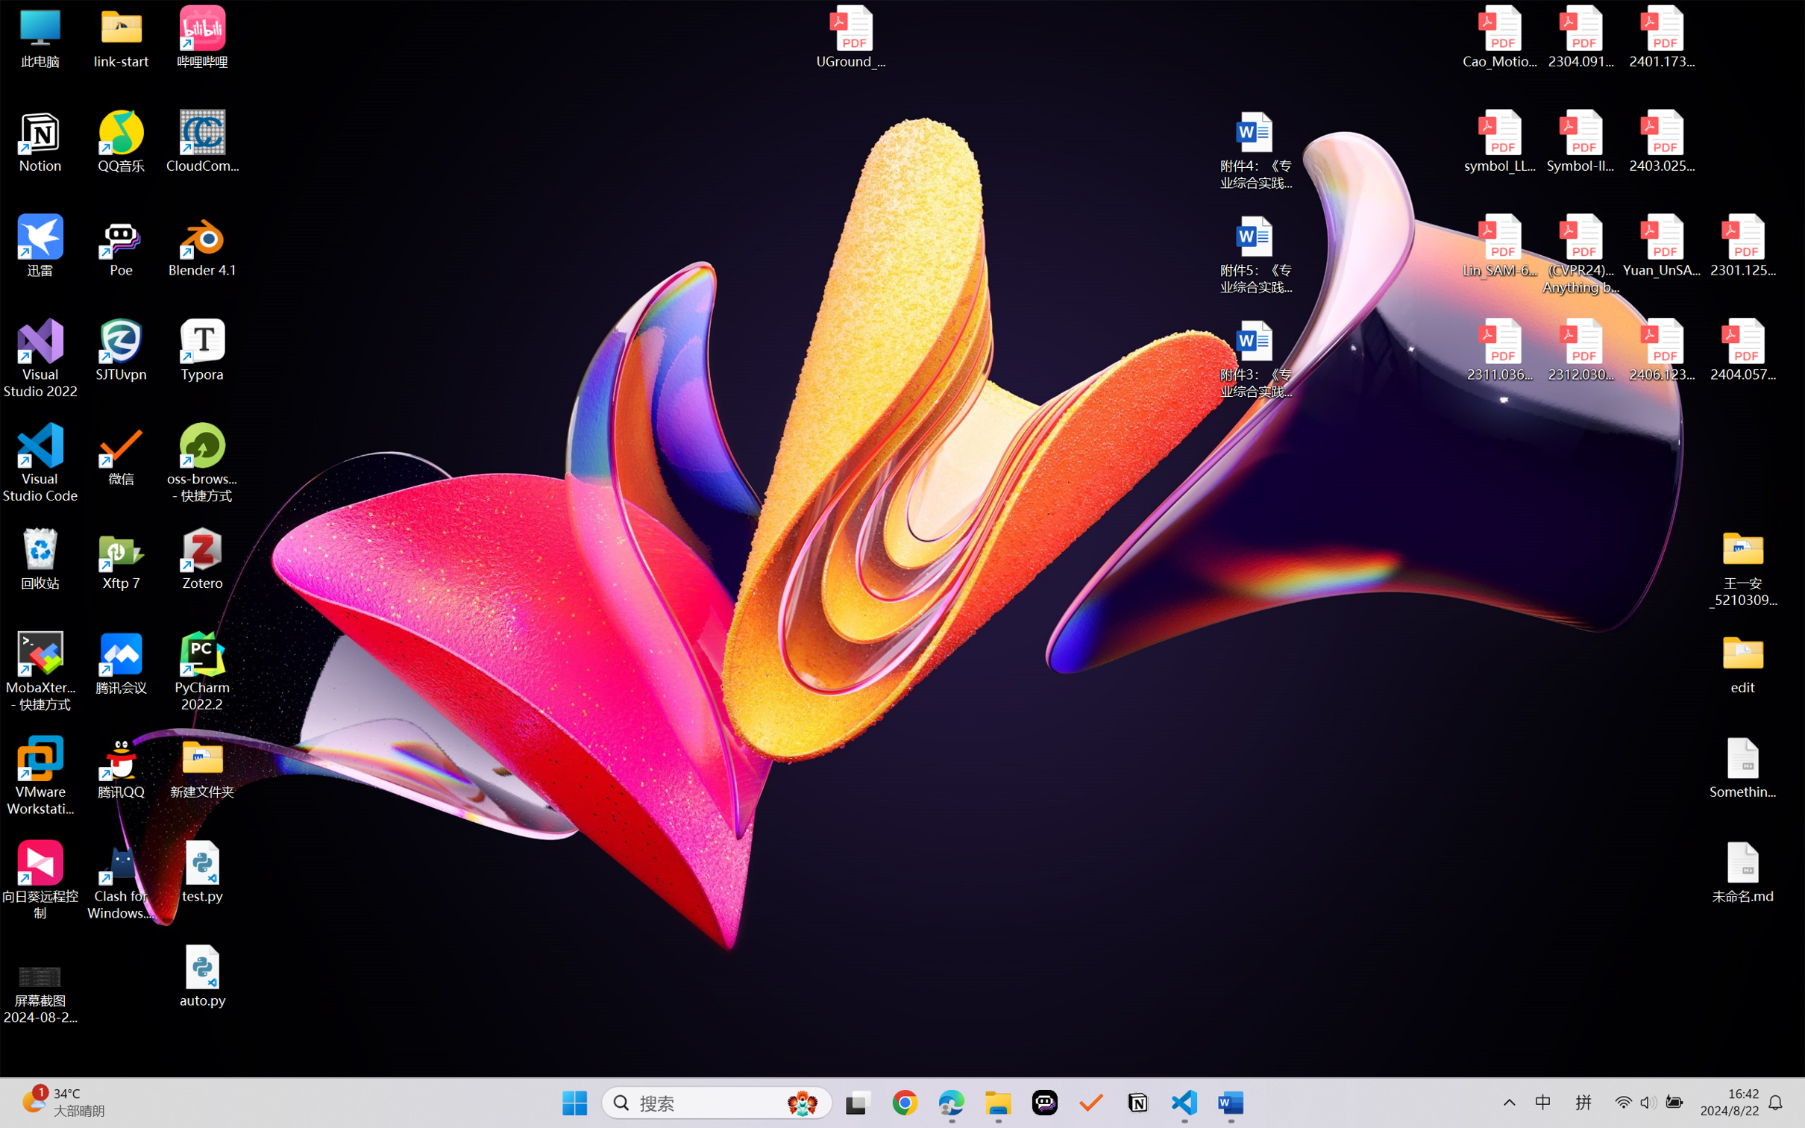 The height and width of the screenshot is (1128, 1805). I want to click on '2312.03032v2.pdf', so click(1580, 350).